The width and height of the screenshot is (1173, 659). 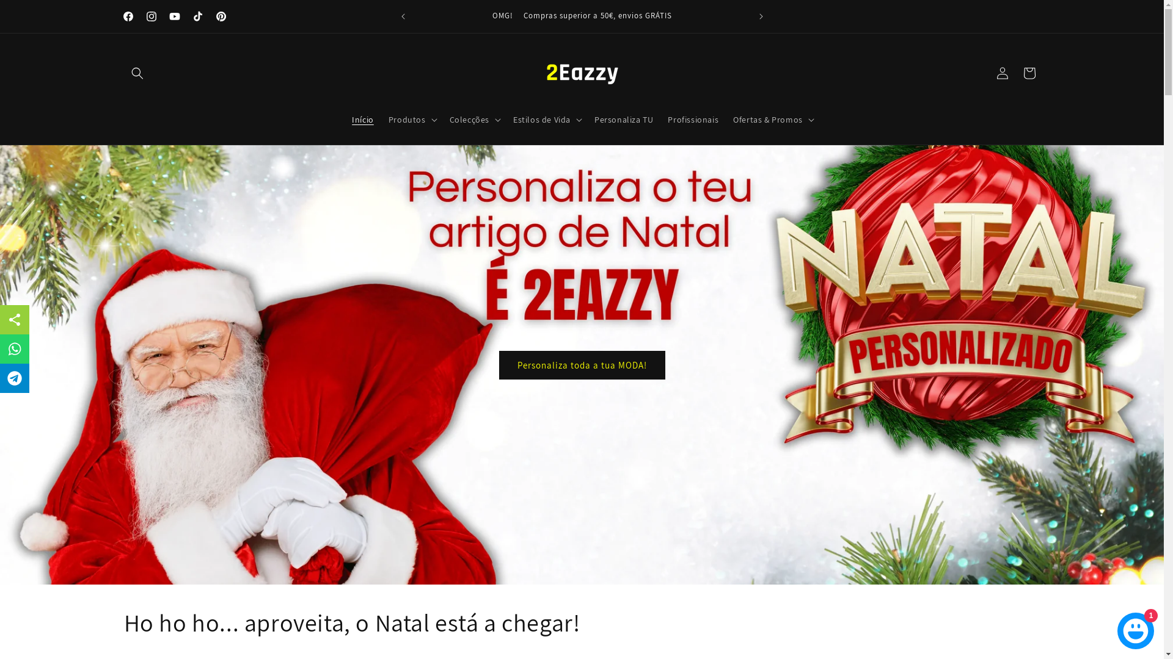 I want to click on 'Personaliza toda a tua MODA!', so click(x=580, y=364).